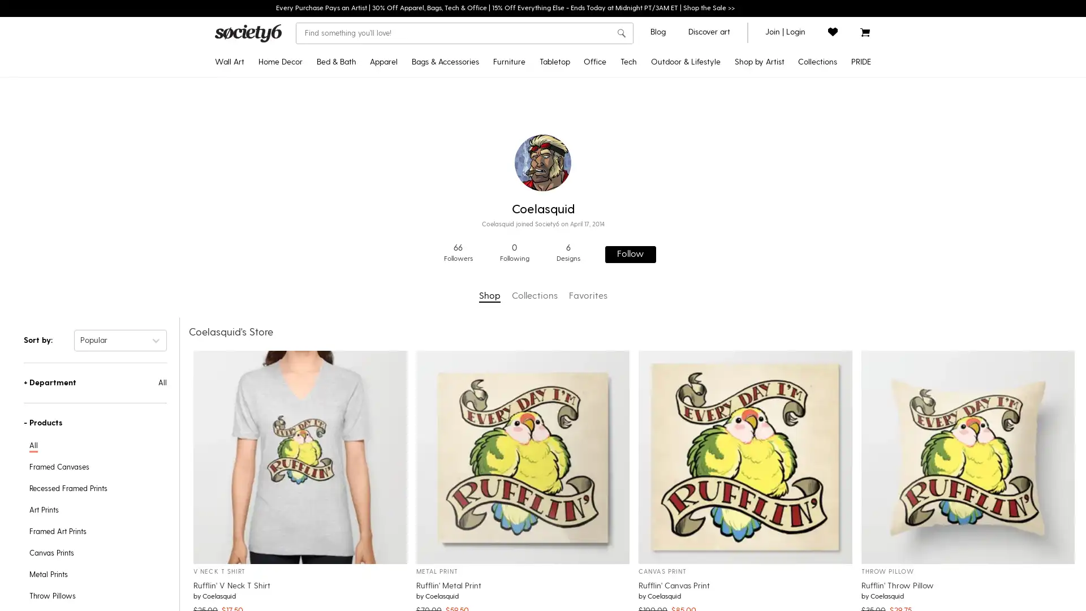  Describe the element at coordinates (623, 145) in the screenshot. I see `Jigsaw Puzzles` at that location.